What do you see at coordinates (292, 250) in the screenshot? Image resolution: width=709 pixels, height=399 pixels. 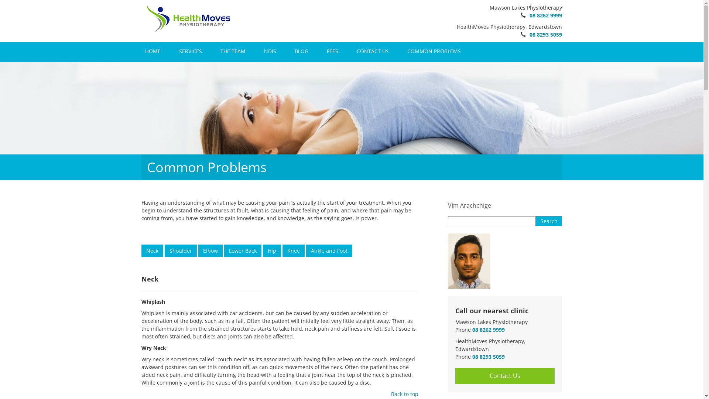 I see `'Knee'` at bounding box center [292, 250].